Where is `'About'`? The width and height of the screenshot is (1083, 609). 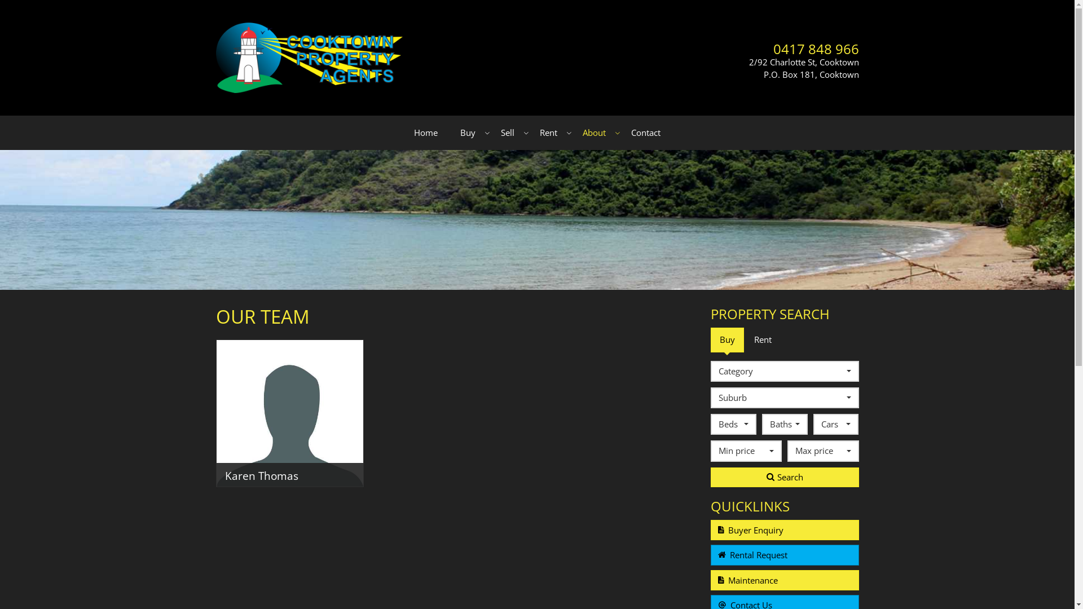 'About' is located at coordinates (595, 132).